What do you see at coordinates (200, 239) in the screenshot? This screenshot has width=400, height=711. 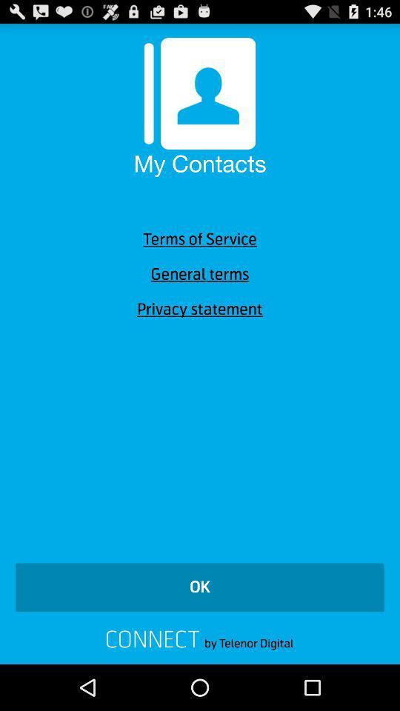 I see `the terms of service item` at bounding box center [200, 239].